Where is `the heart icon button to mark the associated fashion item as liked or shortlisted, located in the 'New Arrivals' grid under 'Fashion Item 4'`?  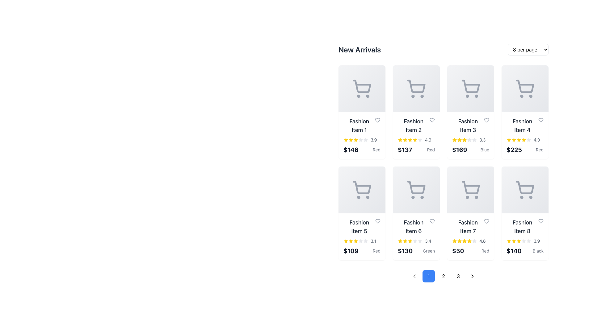 the heart icon button to mark the associated fashion item as liked or shortlisted, located in the 'New Arrivals' grid under 'Fashion Item 4' is located at coordinates (540, 120).